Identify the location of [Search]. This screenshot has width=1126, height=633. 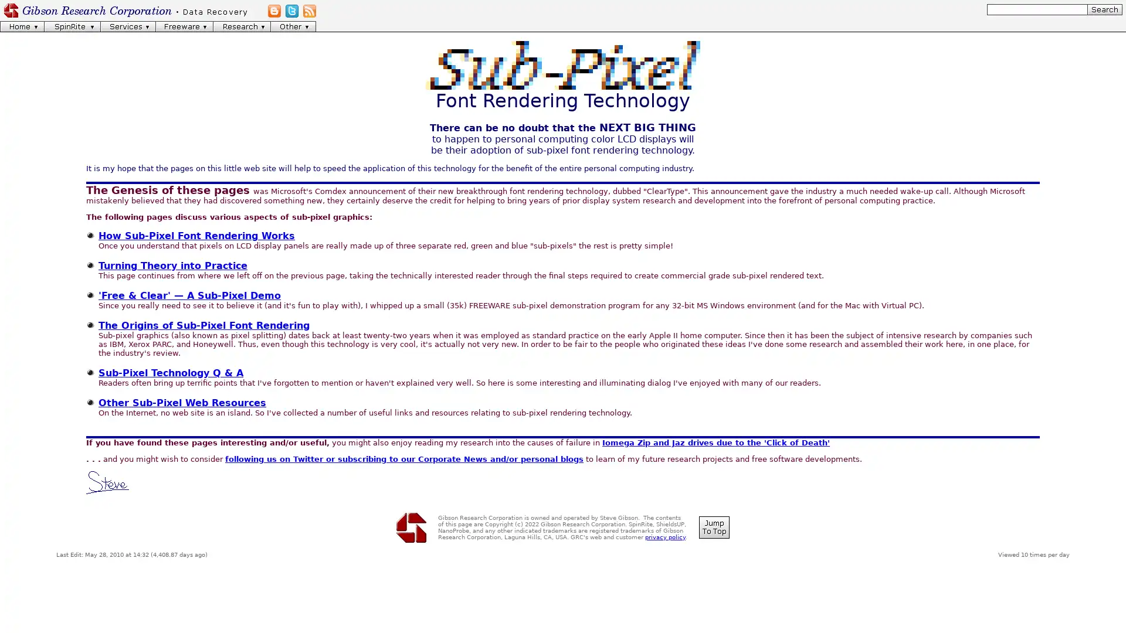
(1104, 9).